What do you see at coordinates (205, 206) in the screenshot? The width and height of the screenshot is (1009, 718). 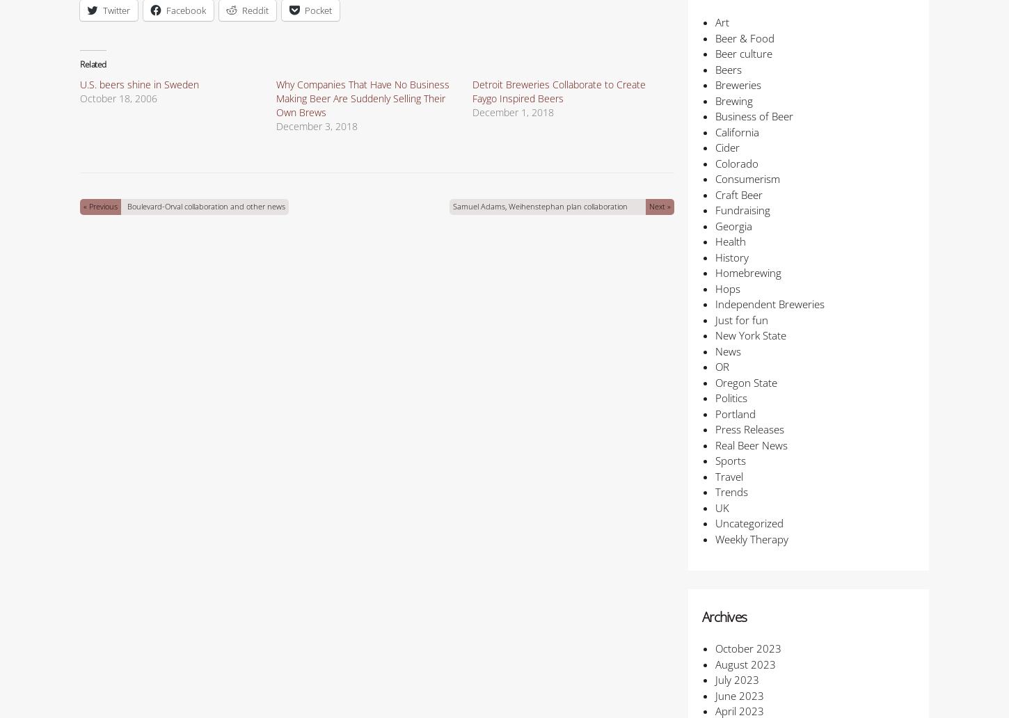 I see `'Boulevard-Orval collaboration and other news'` at bounding box center [205, 206].